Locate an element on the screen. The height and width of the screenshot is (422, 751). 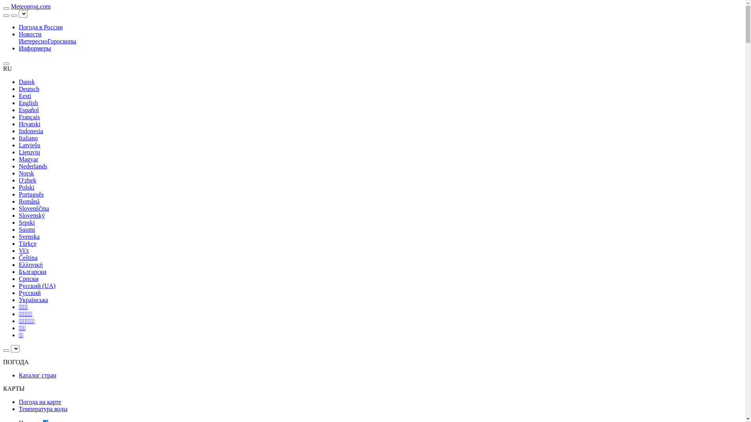
'Svenska' is located at coordinates (29, 236).